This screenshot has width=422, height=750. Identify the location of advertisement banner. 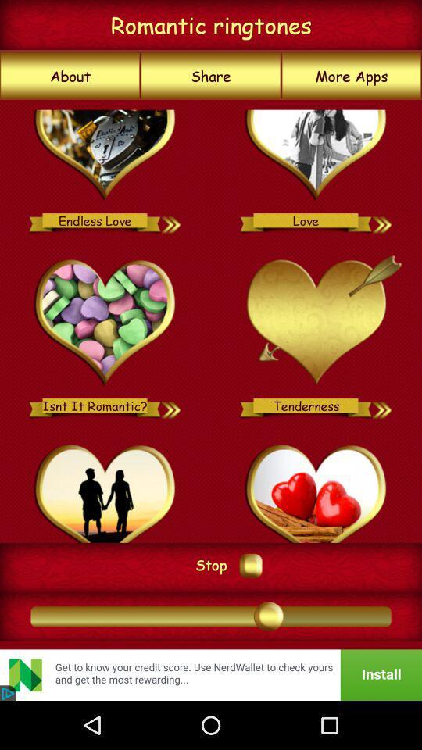
(211, 674).